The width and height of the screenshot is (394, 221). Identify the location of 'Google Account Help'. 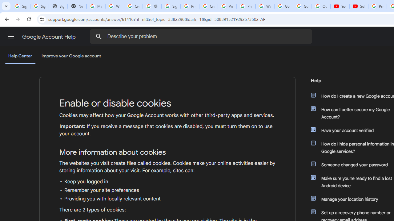
(49, 37).